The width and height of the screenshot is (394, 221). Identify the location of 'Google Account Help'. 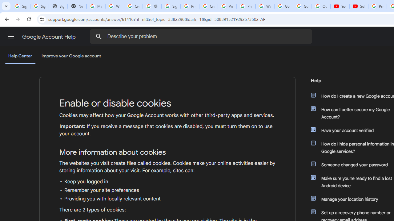
(49, 37).